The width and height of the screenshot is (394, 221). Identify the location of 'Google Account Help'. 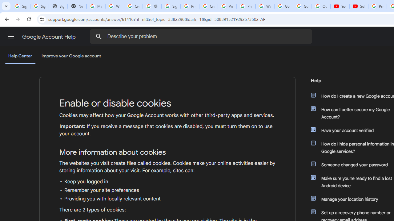
(49, 37).